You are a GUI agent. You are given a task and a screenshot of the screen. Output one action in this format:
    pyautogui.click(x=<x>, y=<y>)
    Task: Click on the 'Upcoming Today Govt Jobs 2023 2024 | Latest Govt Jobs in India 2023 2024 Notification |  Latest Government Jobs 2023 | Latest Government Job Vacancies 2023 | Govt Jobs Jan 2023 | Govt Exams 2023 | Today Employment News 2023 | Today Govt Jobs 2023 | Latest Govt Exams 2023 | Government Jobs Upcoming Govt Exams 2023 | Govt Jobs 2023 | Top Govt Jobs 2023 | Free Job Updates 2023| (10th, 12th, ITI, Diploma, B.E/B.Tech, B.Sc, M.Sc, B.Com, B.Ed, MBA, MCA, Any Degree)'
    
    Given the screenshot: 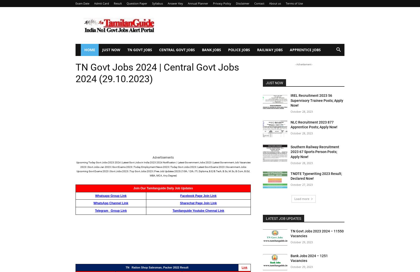 What is the action you would take?
    pyautogui.click(x=76, y=169)
    